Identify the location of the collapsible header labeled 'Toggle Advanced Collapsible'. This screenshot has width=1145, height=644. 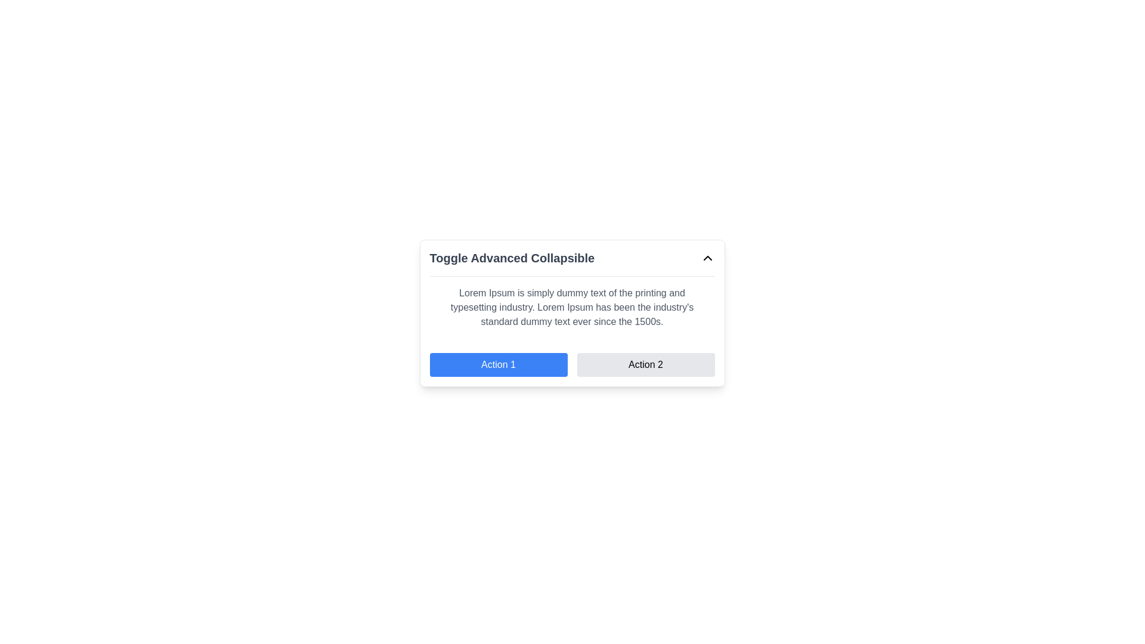
(571, 257).